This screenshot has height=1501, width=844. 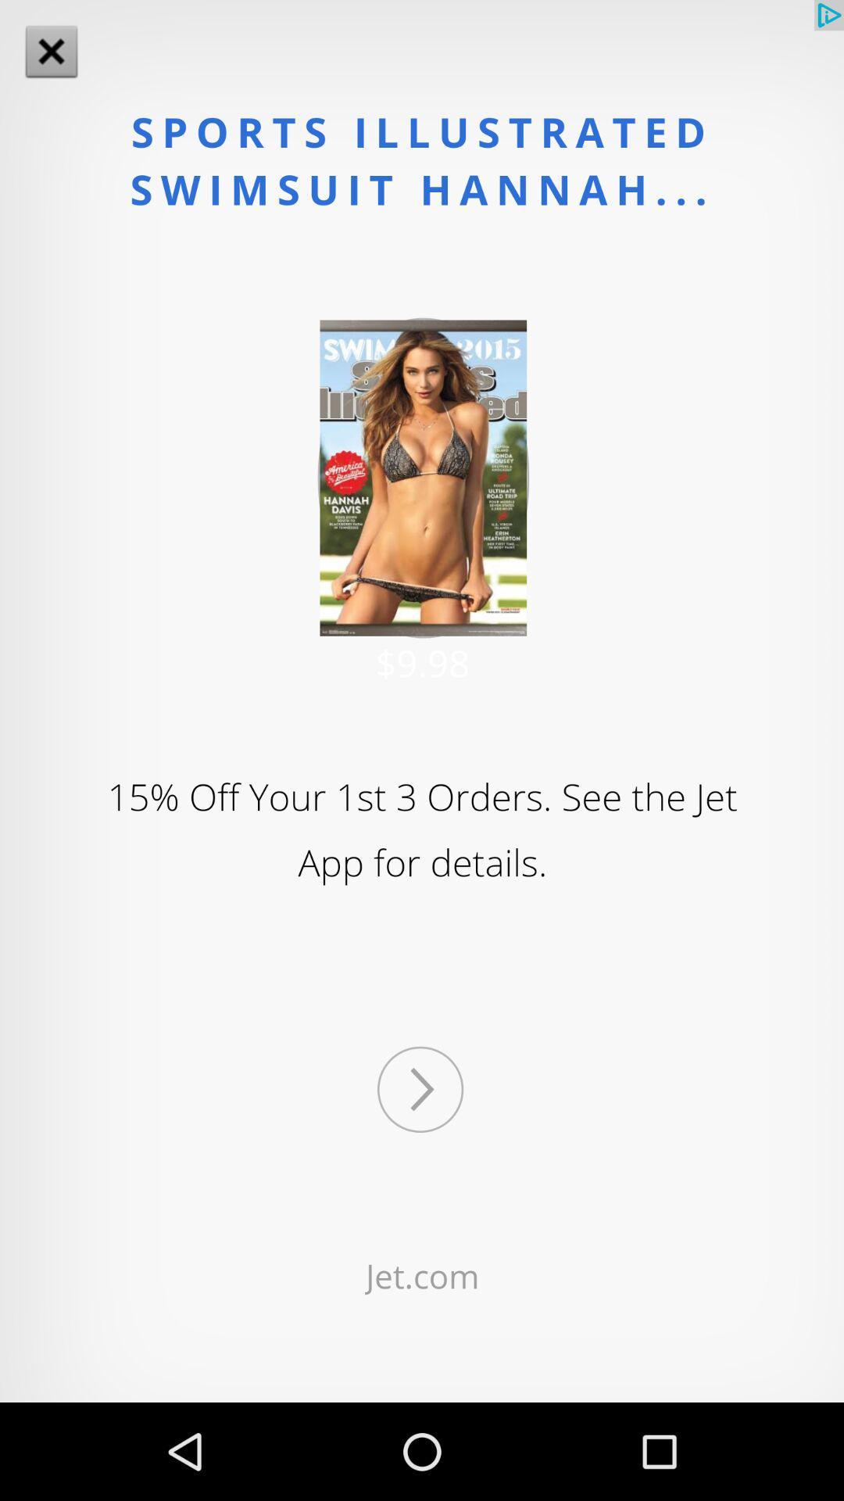 I want to click on the close icon, so click(x=50, y=55).